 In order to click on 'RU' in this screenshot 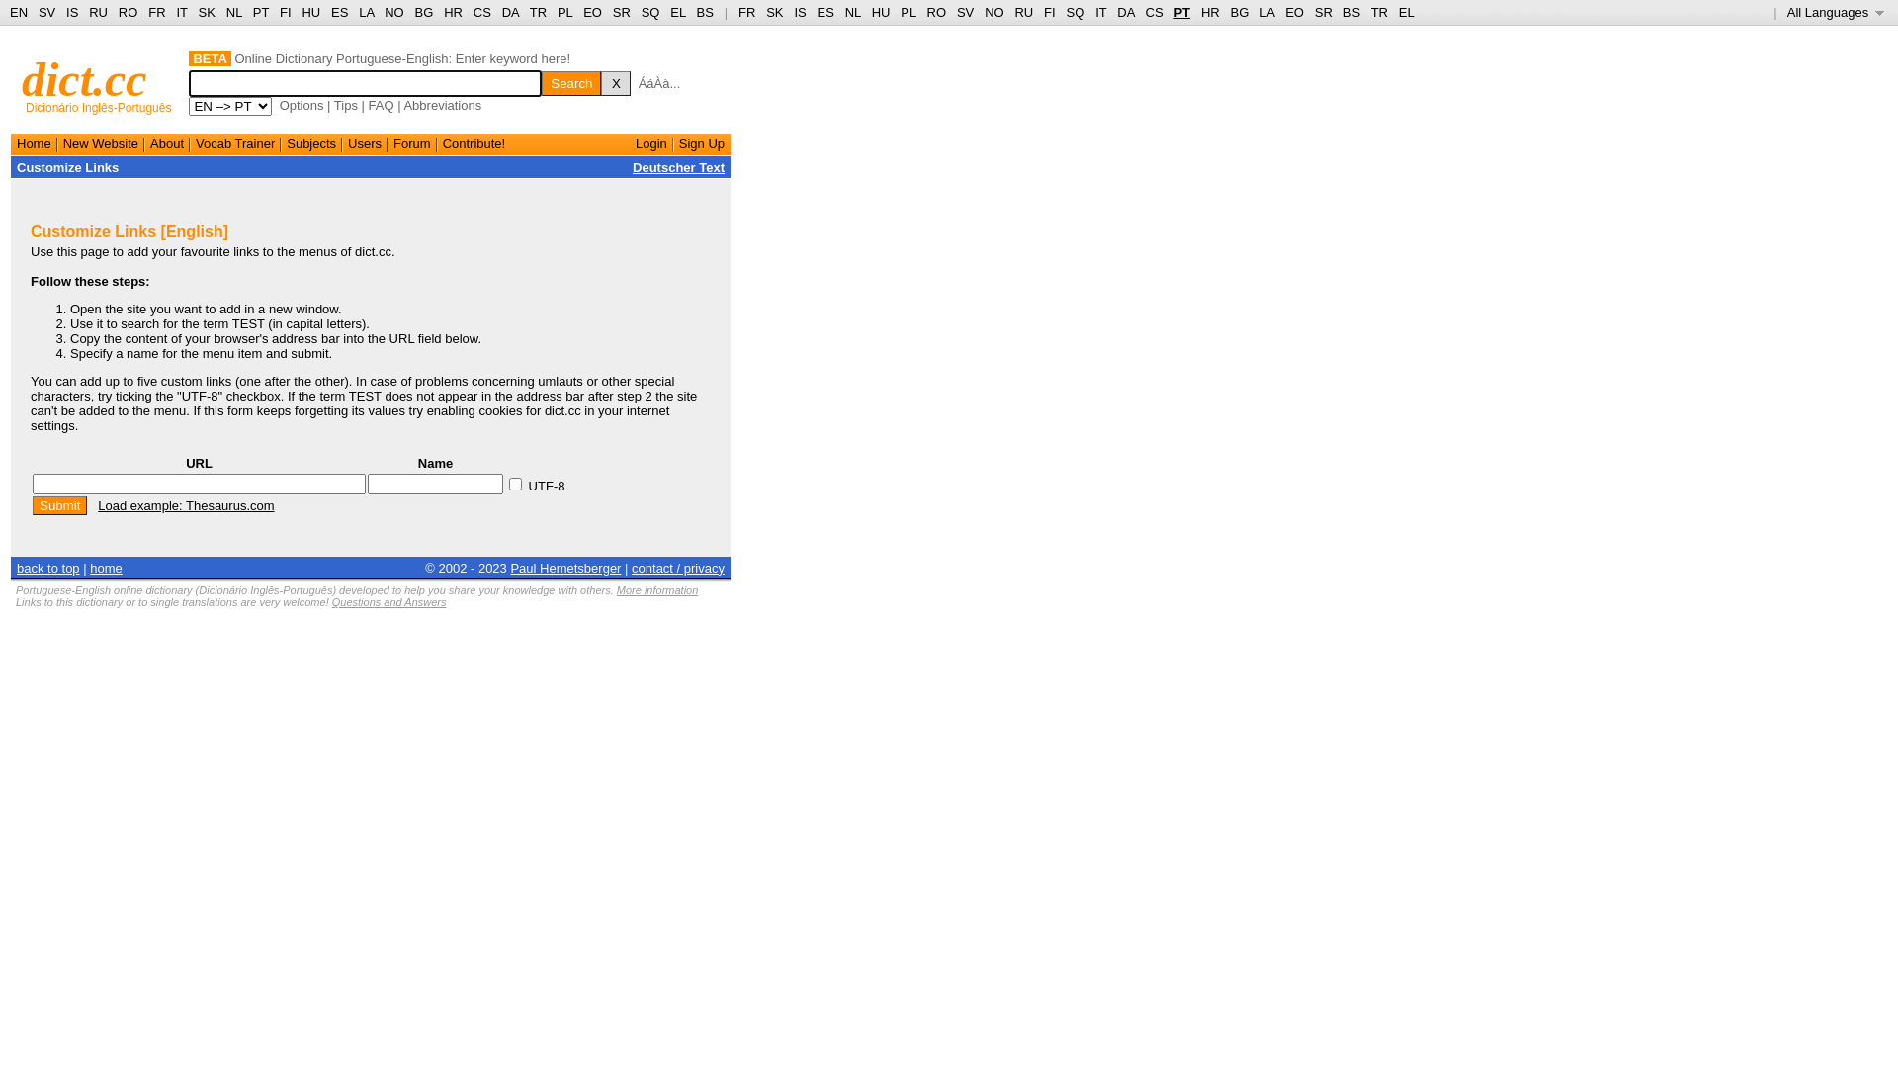, I will do `click(1023, 12)`.